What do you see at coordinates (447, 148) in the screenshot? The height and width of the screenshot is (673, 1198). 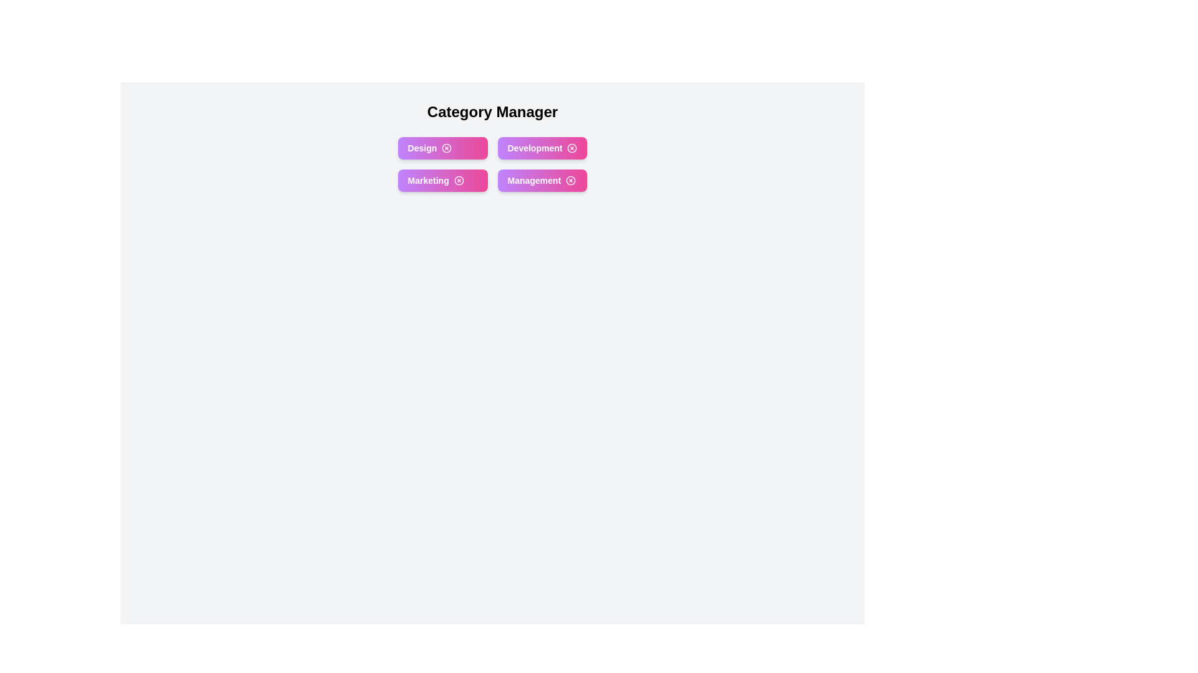 I see `close button on the category chip labeled Design to remove it` at bounding box center [447, 148].